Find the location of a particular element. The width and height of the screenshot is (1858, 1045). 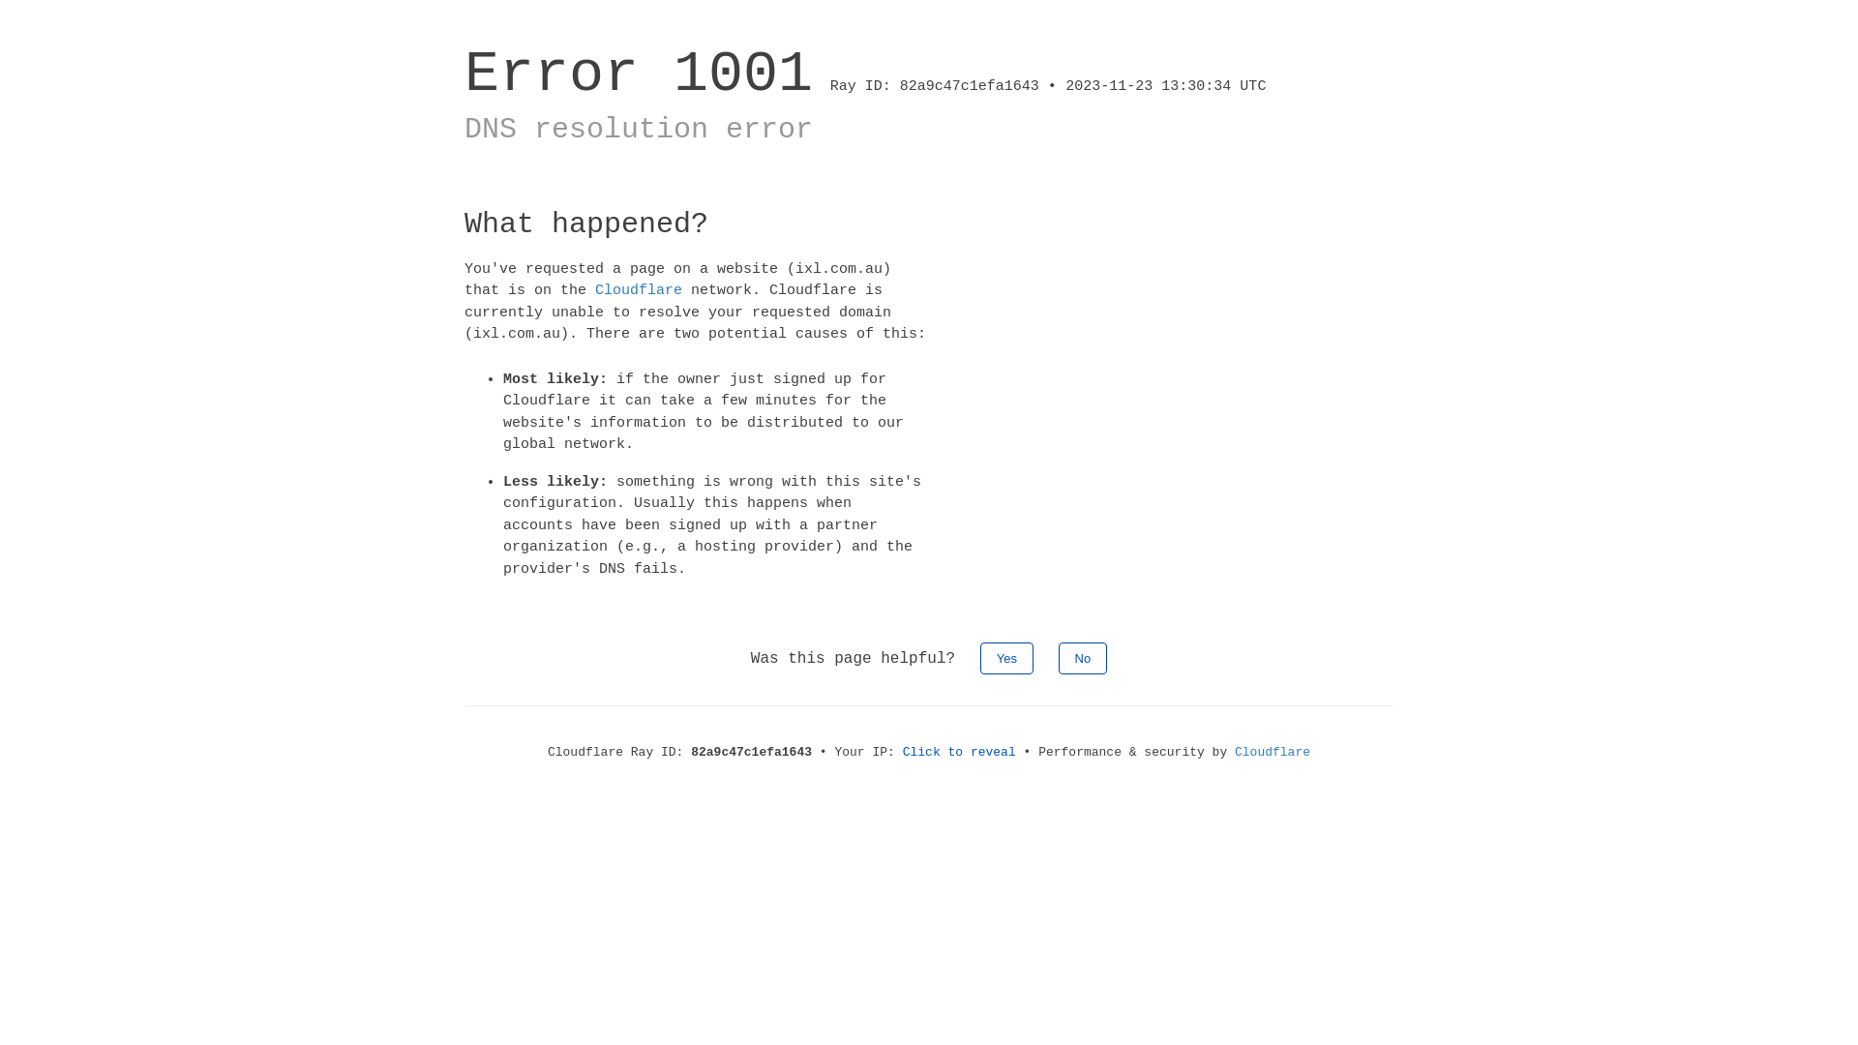

'Cloudflare' is located at coordinates (1273, 751).